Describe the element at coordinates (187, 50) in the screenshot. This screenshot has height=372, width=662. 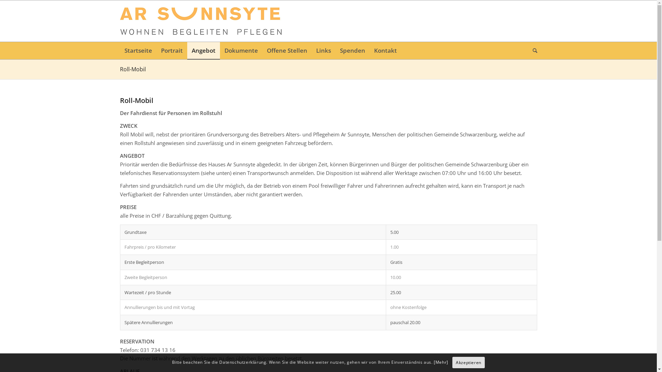
I see `'Angebot'` at that location.